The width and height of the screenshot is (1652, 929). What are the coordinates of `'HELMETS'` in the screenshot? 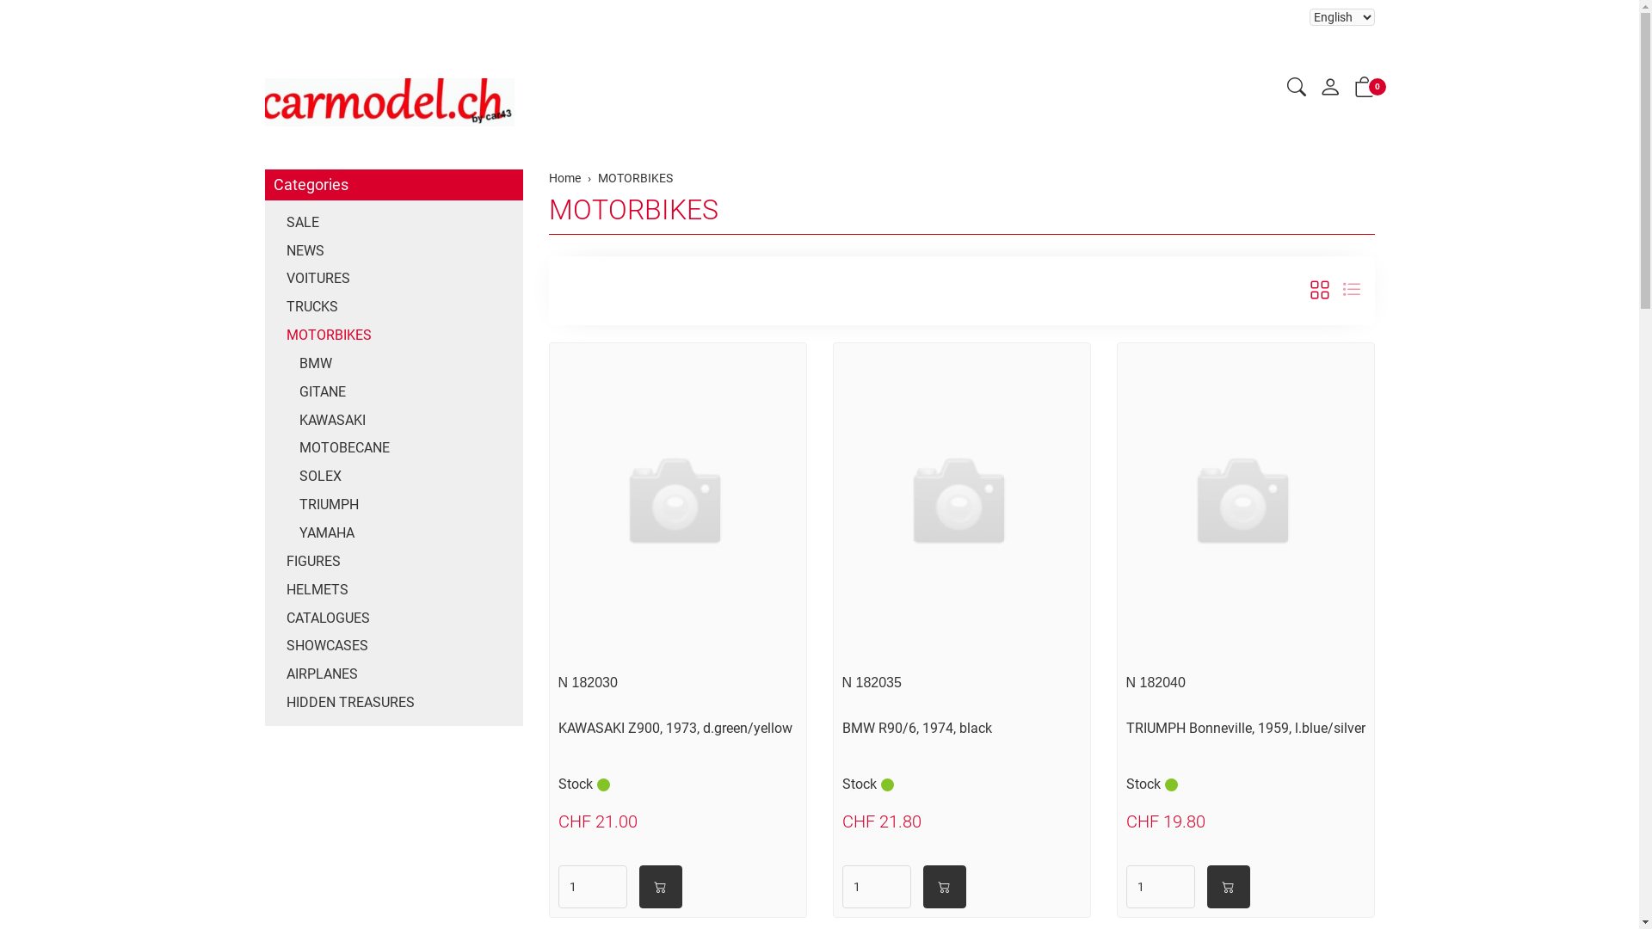 It's located at (392, 589).